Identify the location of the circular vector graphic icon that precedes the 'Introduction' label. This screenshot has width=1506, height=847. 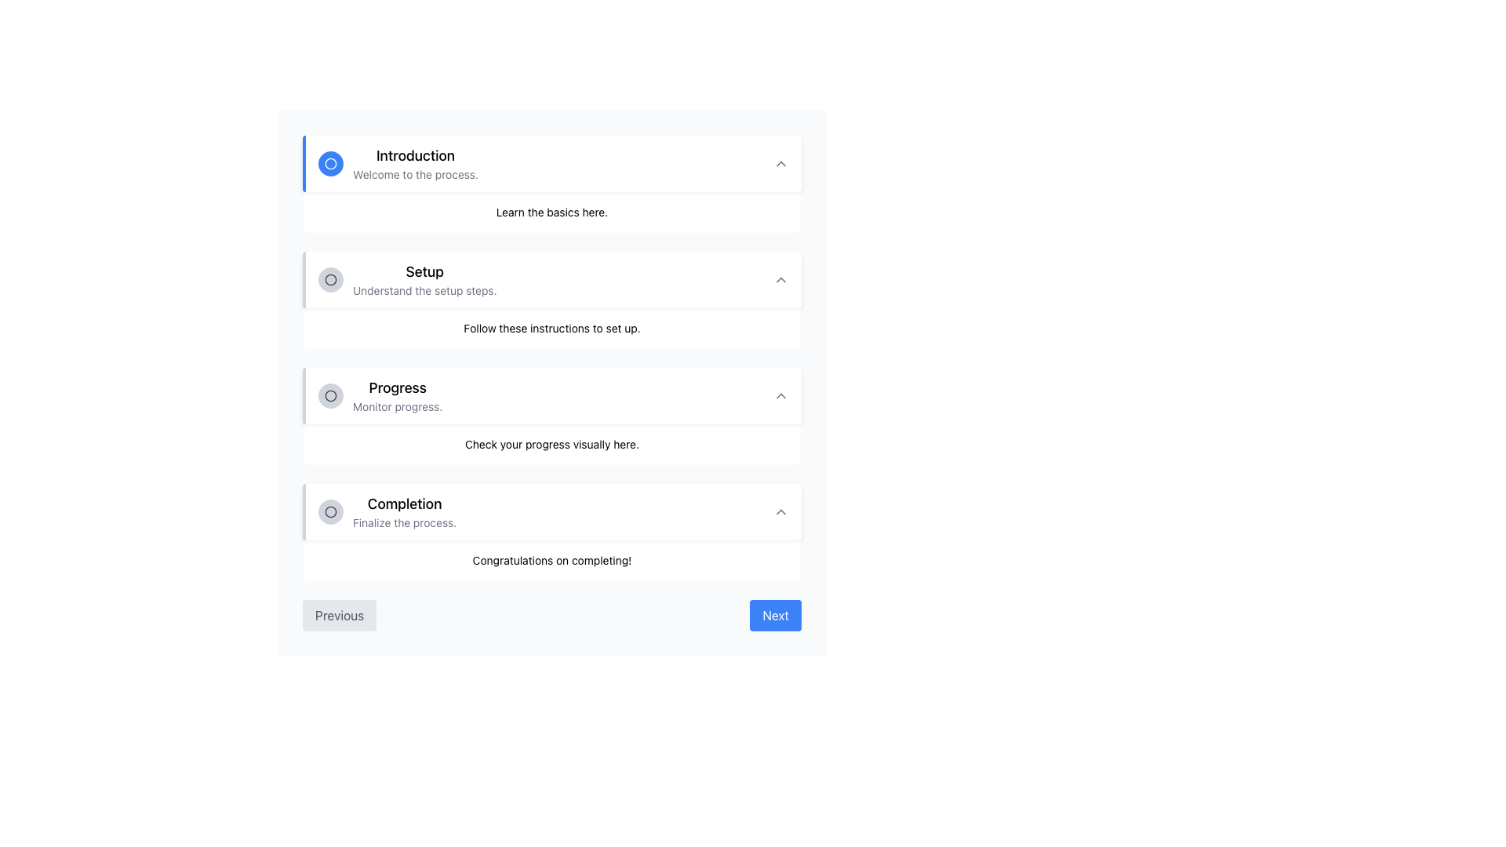
(330, 163).